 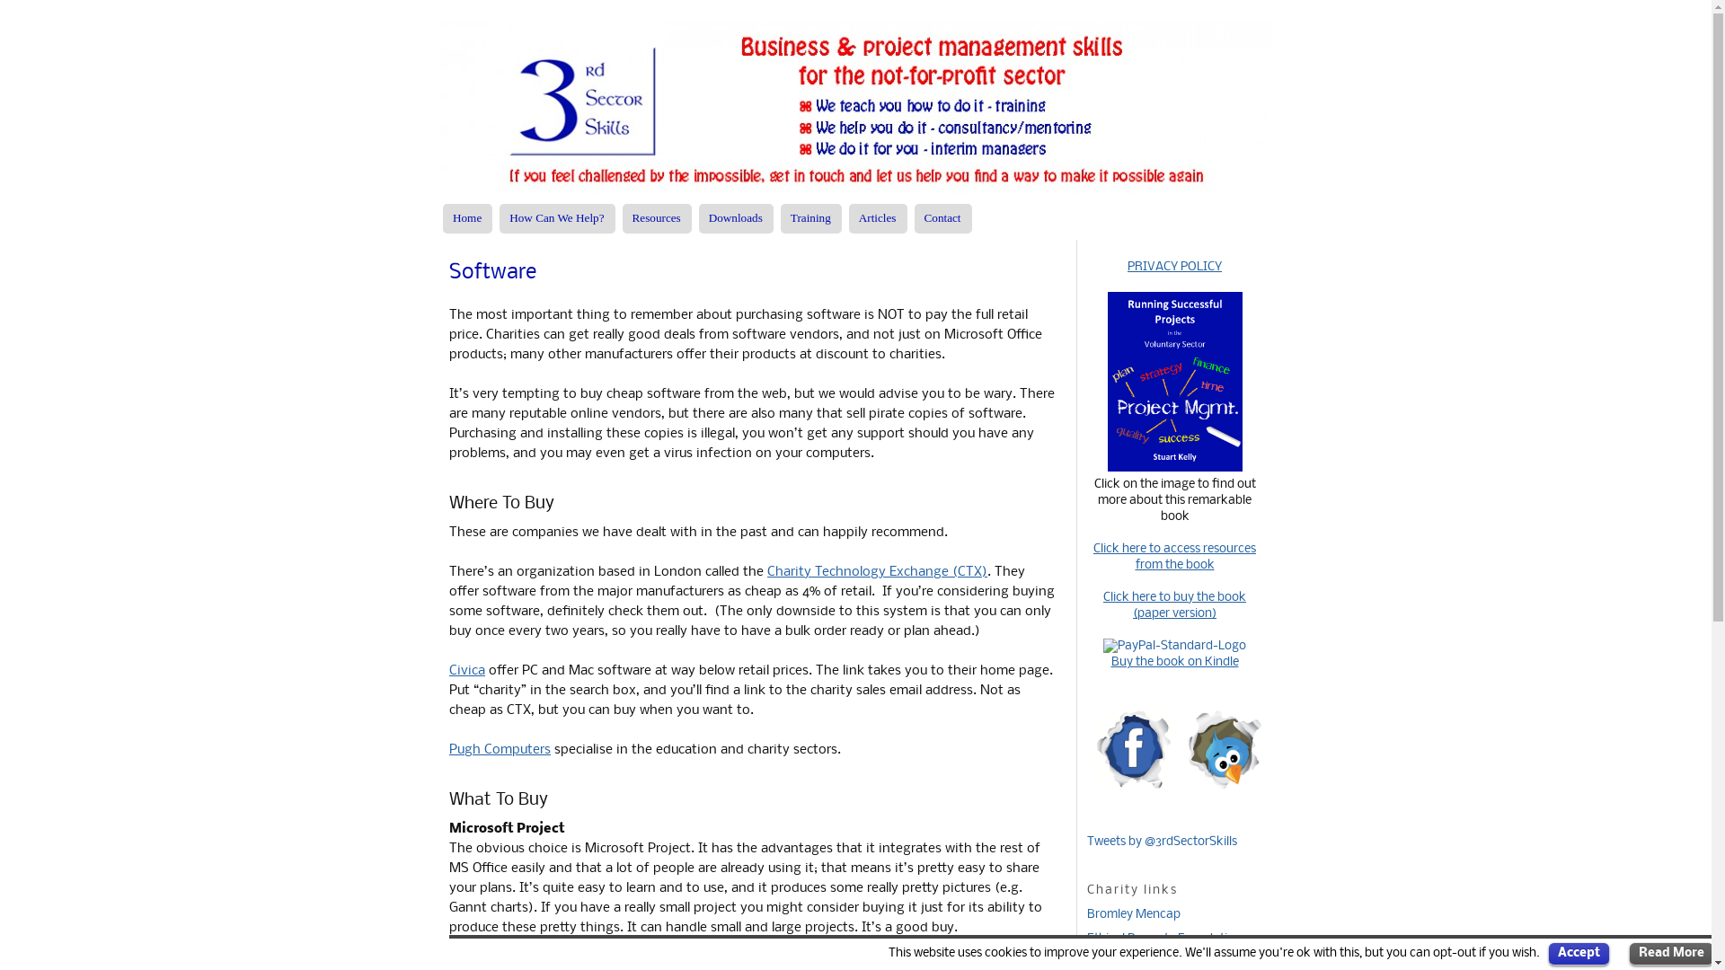 What do you see at coordinates (555, 217) in the screenshot?
I see `'How Can We Help?'` at bounding box center [555, 217].